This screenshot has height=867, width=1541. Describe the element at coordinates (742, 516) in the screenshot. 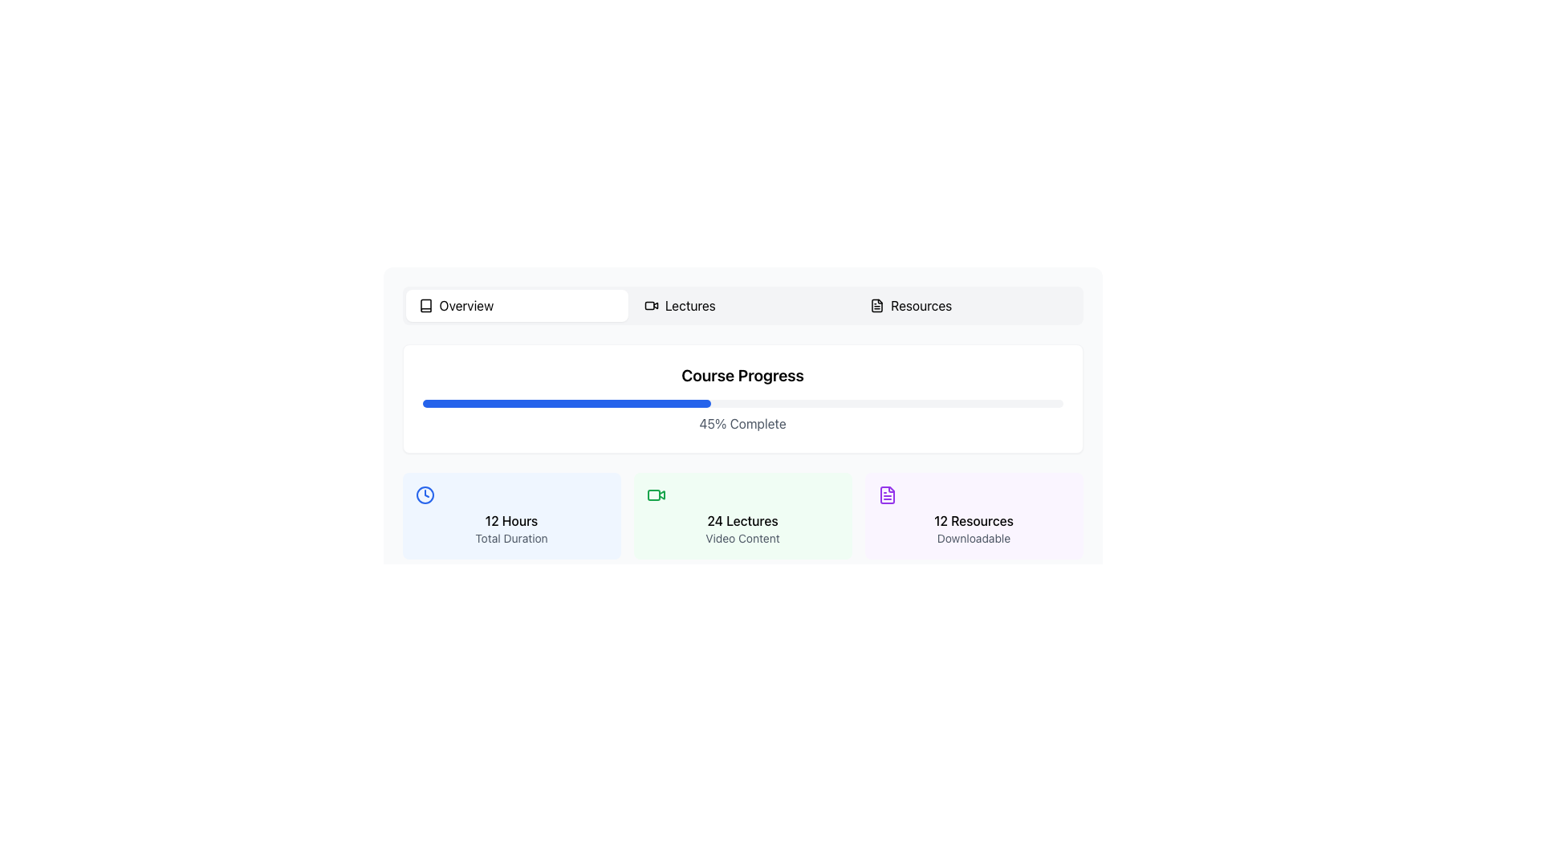

I see `text content from the Informative panel displaying '24 Lectures' in bold followed by 'Video Content' in smaller text within a green-shaded box, which is the second in a grid of three boxes in the 'Course Progress' section` at that location.